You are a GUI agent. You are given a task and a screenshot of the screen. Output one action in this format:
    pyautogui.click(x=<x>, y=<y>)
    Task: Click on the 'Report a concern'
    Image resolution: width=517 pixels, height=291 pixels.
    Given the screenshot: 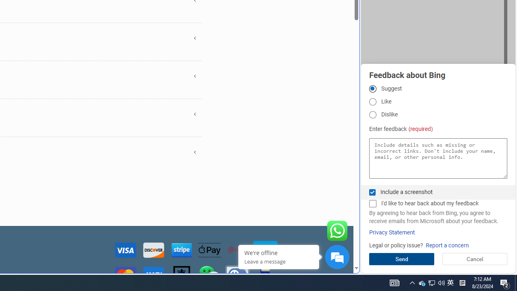 What is the action you would take?
    pyautogui.click(x=447, y=245)
    